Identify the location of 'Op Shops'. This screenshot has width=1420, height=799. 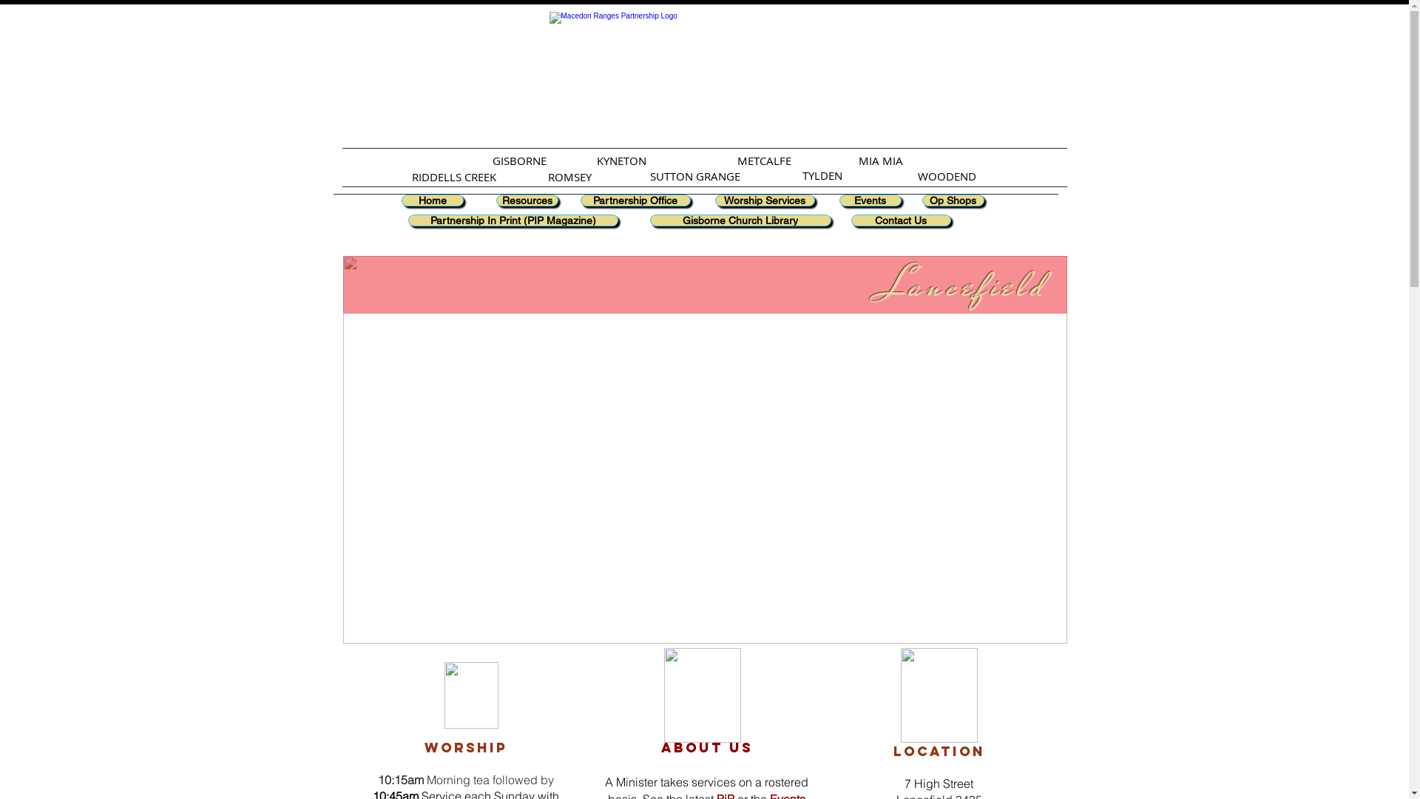
(921, 200).